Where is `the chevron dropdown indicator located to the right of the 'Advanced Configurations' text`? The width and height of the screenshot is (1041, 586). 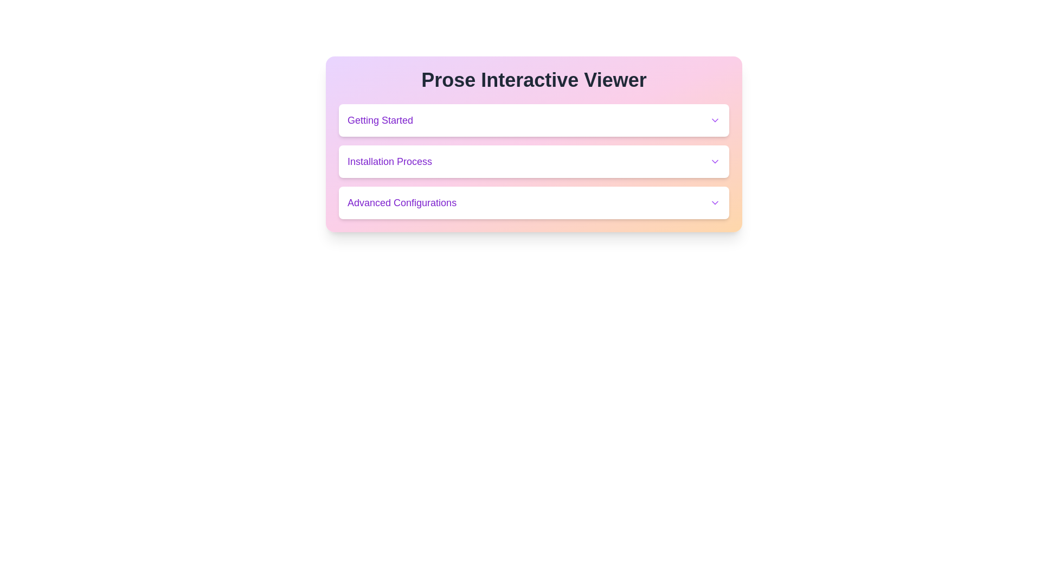 the chevron dropdown indicator located to the right of the 'Advanced Configurations' text is located at coordinates (715, 203).